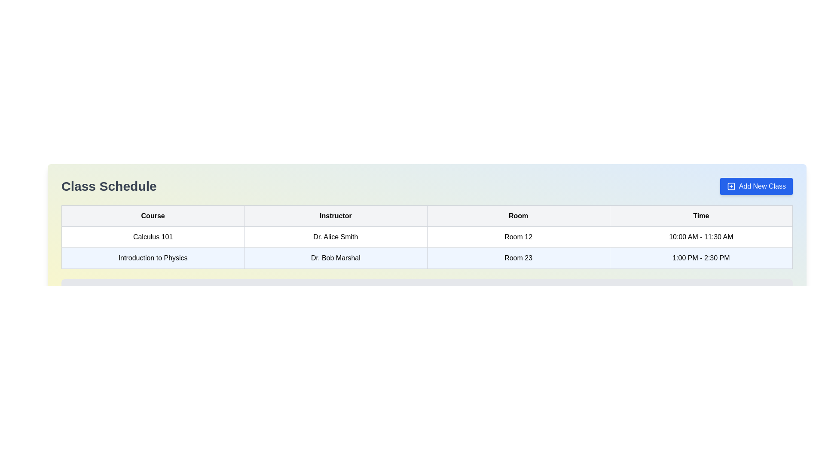 The height and width of the screenshot is (464, 825). I want to click on the blue square icon with rounded edges containing a thin cross, located within the 'Add New Class' button in the top-right corner of the table interface, so click(730, 186).